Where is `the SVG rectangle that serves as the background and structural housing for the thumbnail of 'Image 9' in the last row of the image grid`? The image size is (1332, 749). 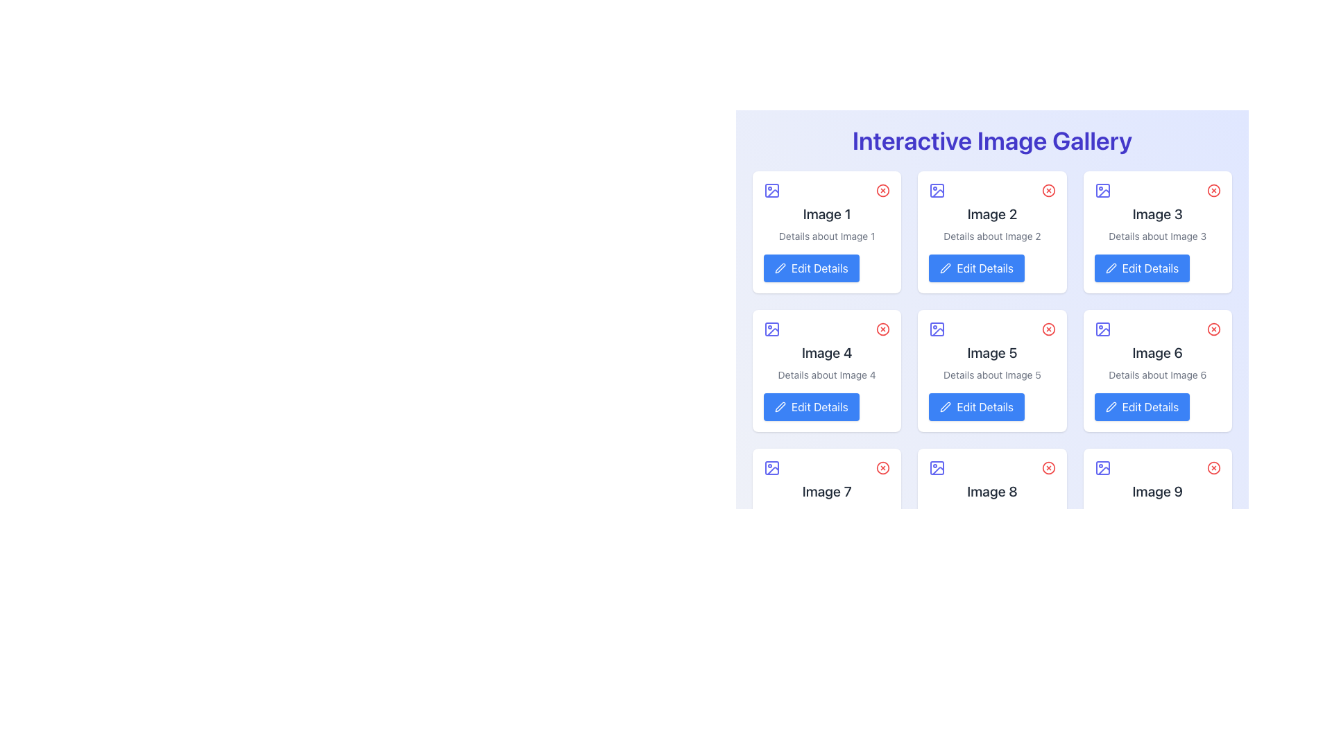
the SVG rectangle that serves as the background and structural housing for the thumbnail of 'Image 9' in the last row of the image grid is located at coordinates (1102, 468).